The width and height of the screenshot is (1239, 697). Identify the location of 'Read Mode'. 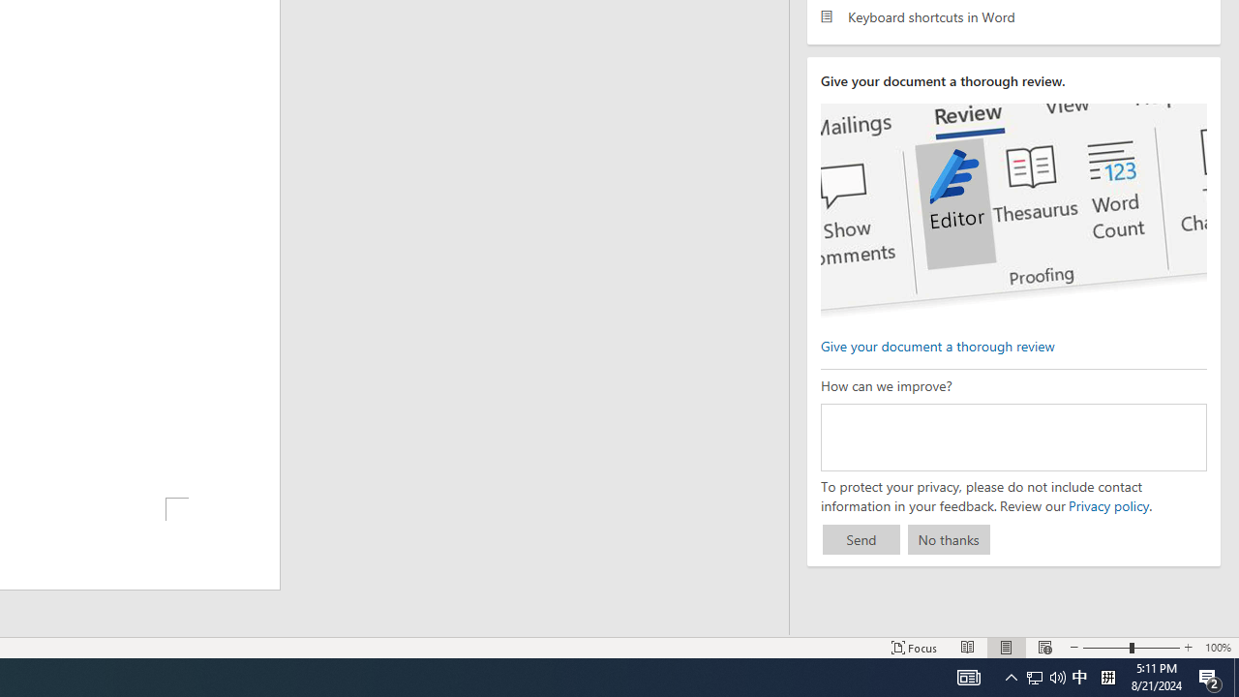
(968, 648).